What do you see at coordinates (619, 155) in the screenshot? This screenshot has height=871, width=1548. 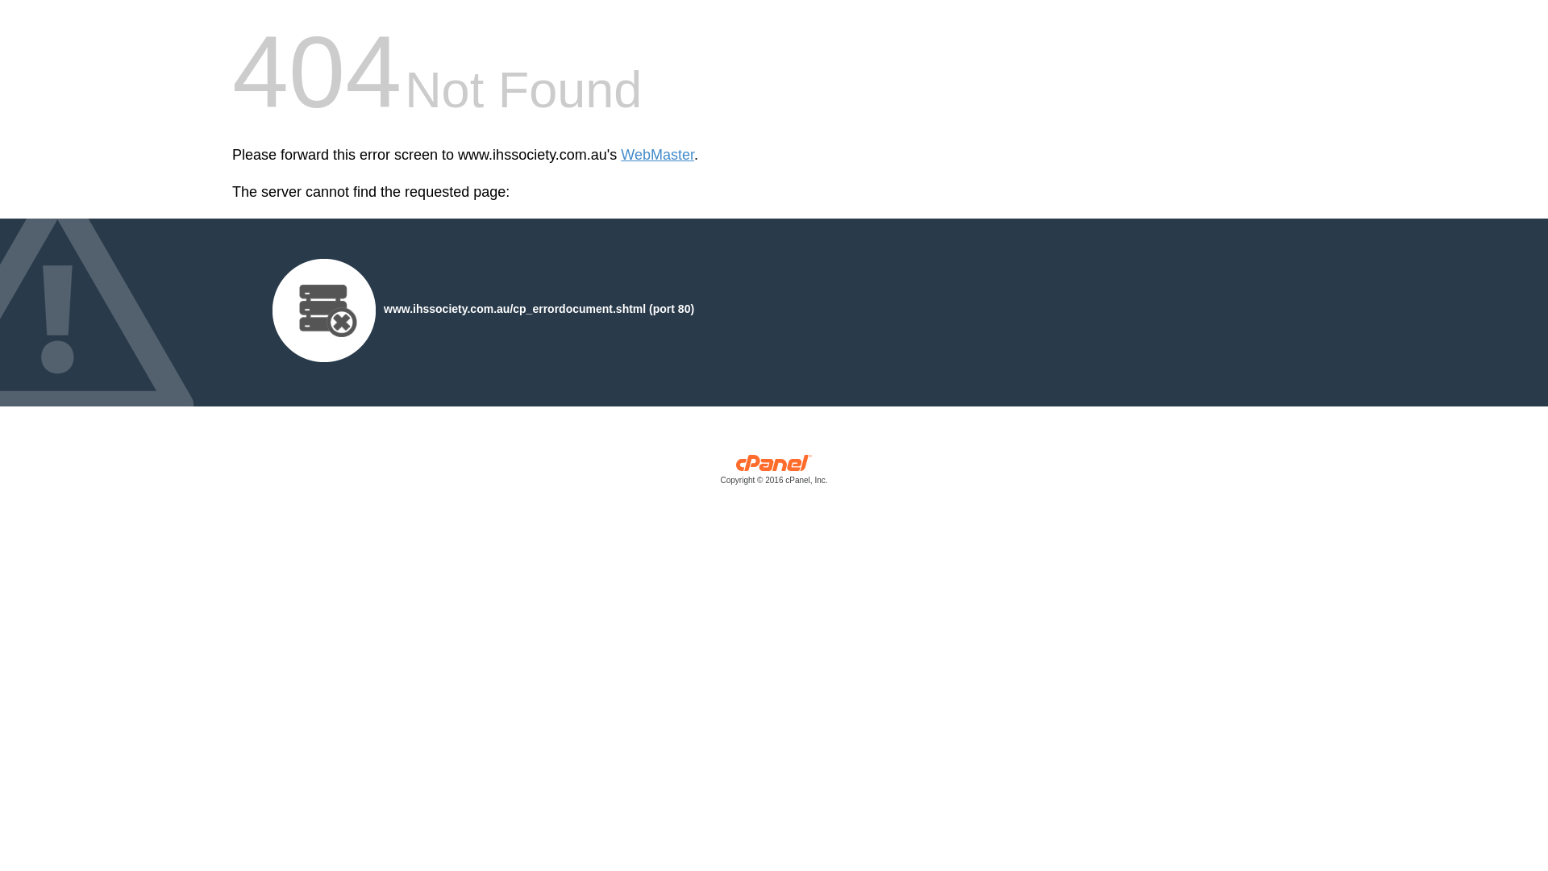 I see `'WebMaster'` at bounding box center [619, 155].